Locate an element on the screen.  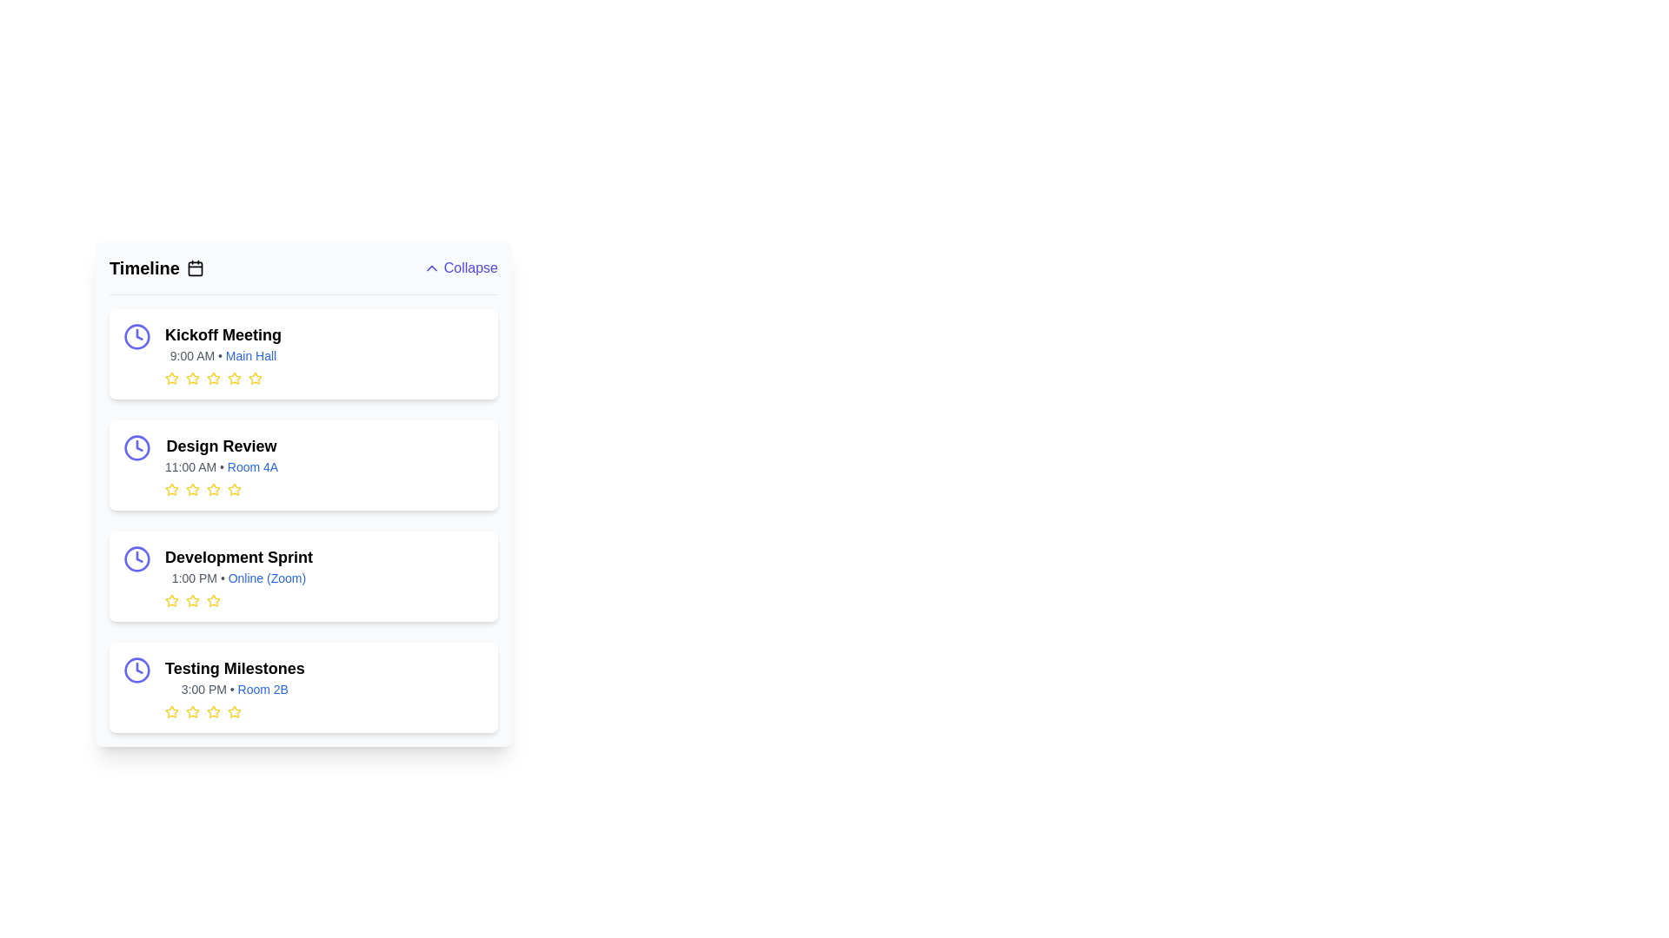
the sixth star in the rating set for the 'Design Review' section located beneath the event's title and time details in the timeline is located at coordinates (233, 489).